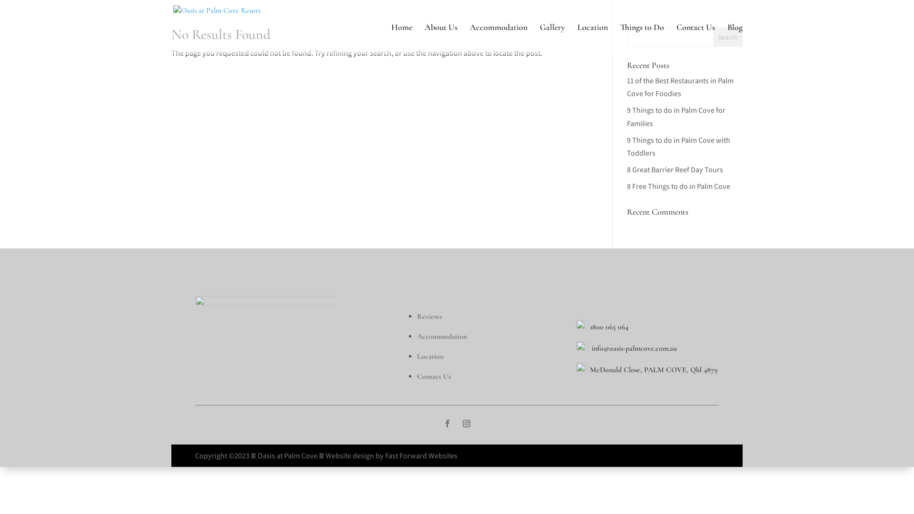 The height and width of the screenshot is (514, 914). I want to click on 'Blog', so click(735, 38).